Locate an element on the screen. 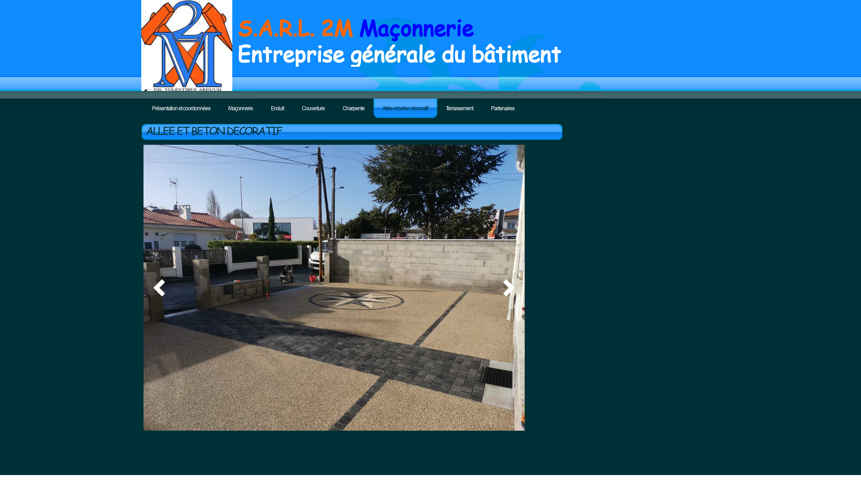 The image size is (861, 484). 'Partenaires' is located at coordinates (503, 108).